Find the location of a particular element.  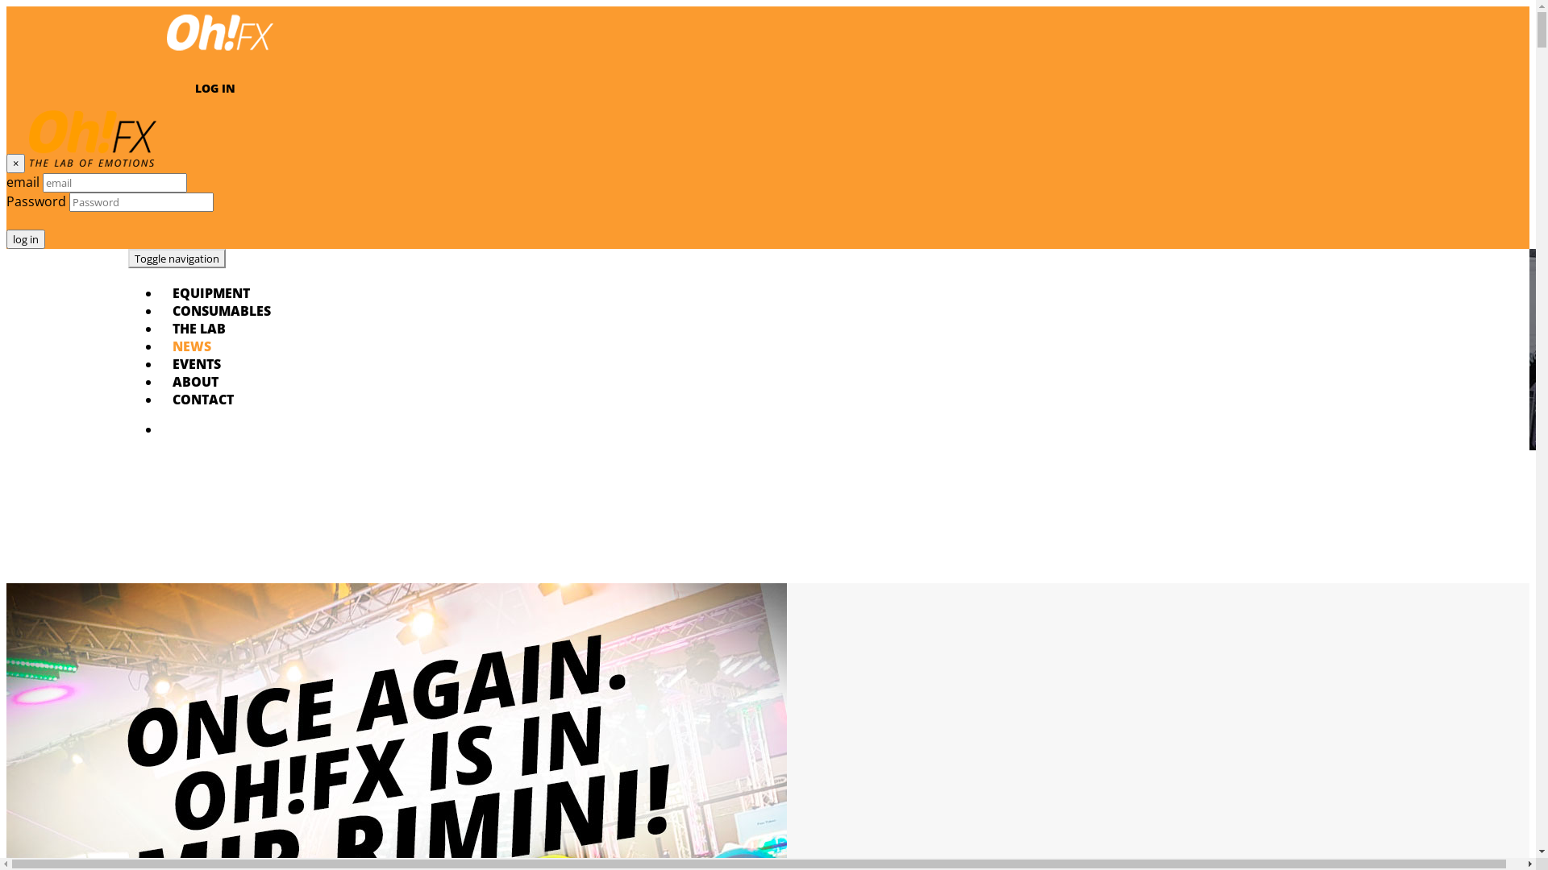

'ABOUT' is located at coordinates (194, 382).